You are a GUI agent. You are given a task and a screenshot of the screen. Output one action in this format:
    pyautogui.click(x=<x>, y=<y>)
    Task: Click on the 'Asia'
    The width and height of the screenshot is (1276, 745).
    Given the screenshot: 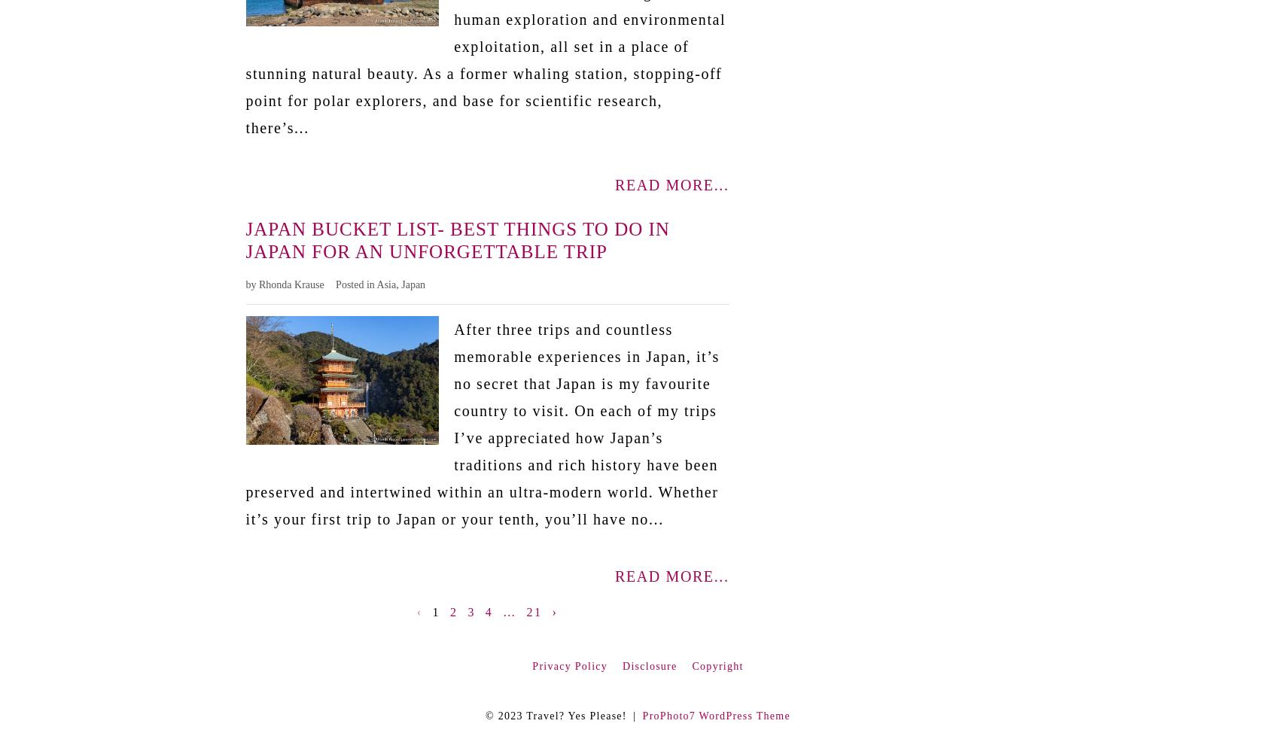 What is the action you would take?
    pyautogui.click(x=385, y=284)
    